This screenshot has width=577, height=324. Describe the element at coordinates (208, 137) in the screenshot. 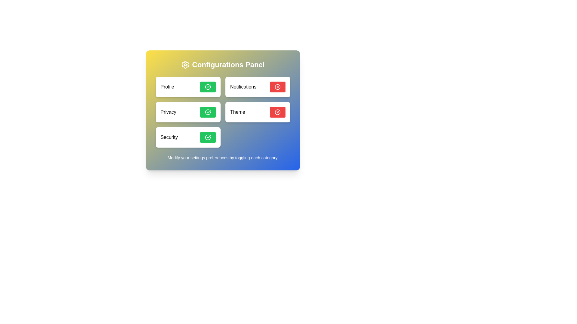

I see `the green checkmark icon in the bottom-left quadrant of the configuration panel to confirm the selection` at that location.